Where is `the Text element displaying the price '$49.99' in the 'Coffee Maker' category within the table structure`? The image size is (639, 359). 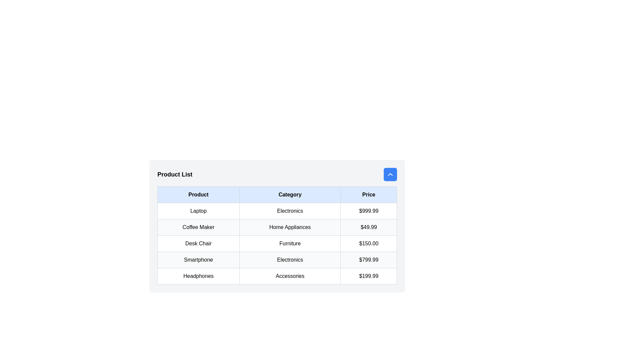 the Text element displaying the price '$49.99' in the 'Coffee Maker' category within the table structure is located at coordinates (368, 227).